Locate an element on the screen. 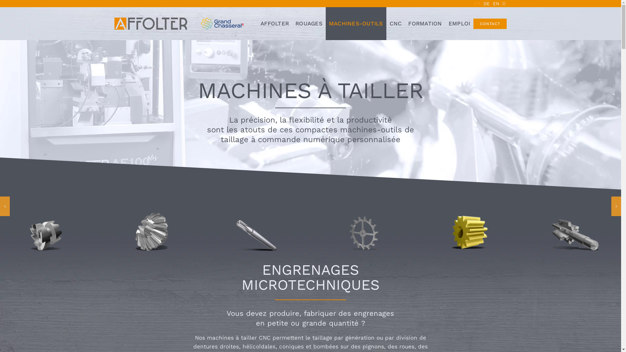 The width and height of the screenshot is (626, 352). 'ROUAGES' is located at coordinates (308, 23).